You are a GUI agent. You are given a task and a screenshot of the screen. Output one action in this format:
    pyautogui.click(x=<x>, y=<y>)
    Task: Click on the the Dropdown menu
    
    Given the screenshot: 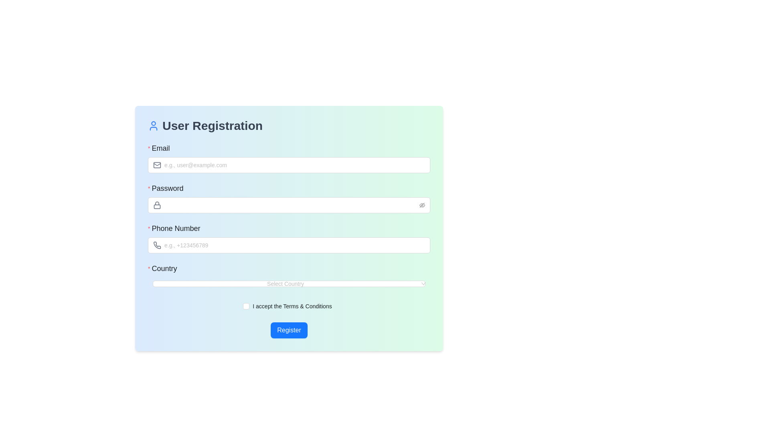 What is the action you would take?
    pyautogui.click(x=289, y=283)
    